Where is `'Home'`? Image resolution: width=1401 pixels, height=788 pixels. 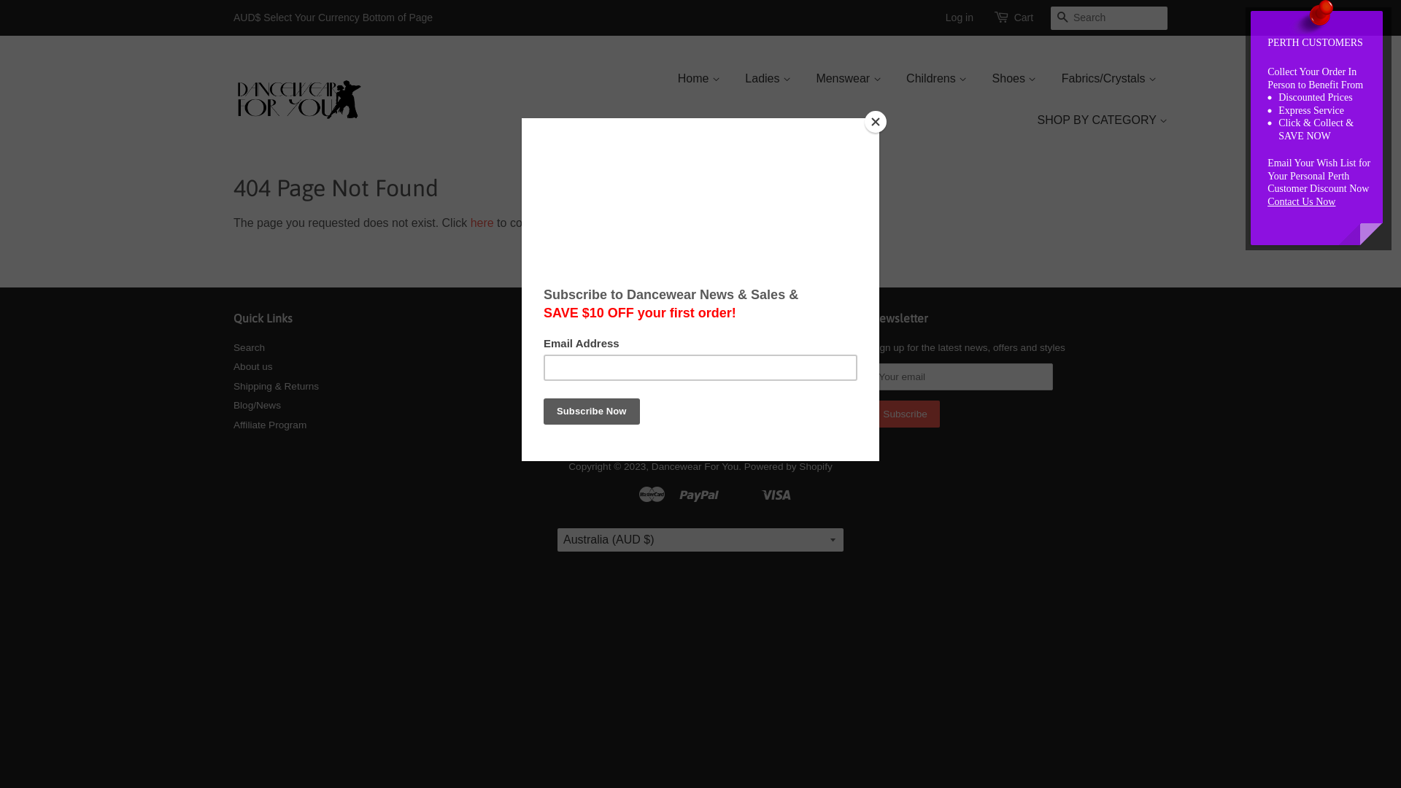 'Home' is located at coordinates (704, 78).